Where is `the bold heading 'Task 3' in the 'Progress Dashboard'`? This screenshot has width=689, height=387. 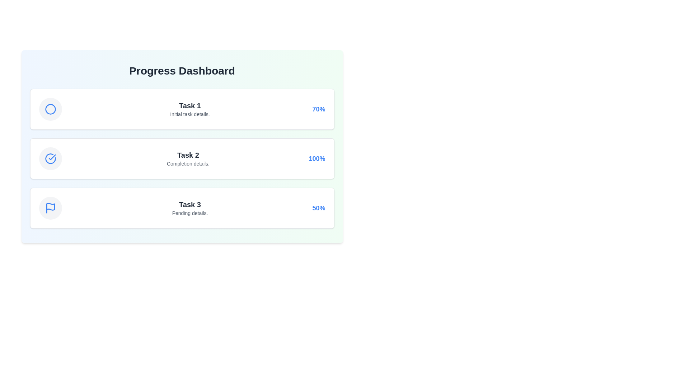
the bold heading 'Task 3' in the 'Progress Dashboard' is located at coordinates (190, 204).